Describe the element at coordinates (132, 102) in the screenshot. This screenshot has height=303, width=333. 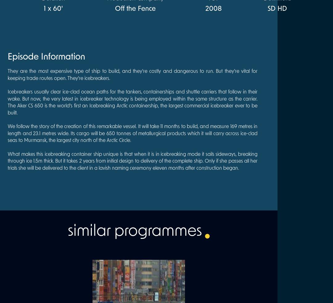
I see `'Icebreakers usually clear ice-clad ocean paths for the tankers, containerships and shuttle carriers that follow in their wake. But now, the very latest in icebreaker technology is being employed within the same structure as the carrier. The Aker CS 650 is the world’s first an Icebreaking Arctic containership, the largest commercial icebreaker ever to be built.'` at that location.